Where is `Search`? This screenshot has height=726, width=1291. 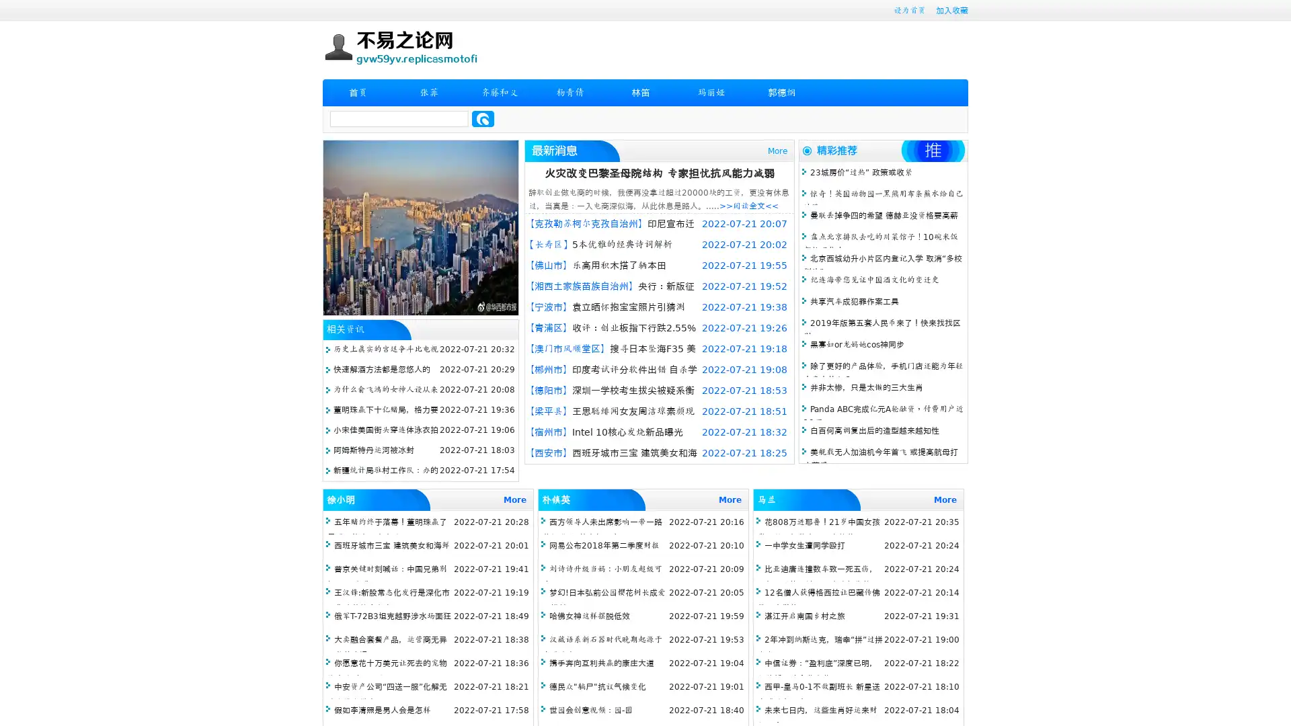 Search is located at coordinates (483, 118).